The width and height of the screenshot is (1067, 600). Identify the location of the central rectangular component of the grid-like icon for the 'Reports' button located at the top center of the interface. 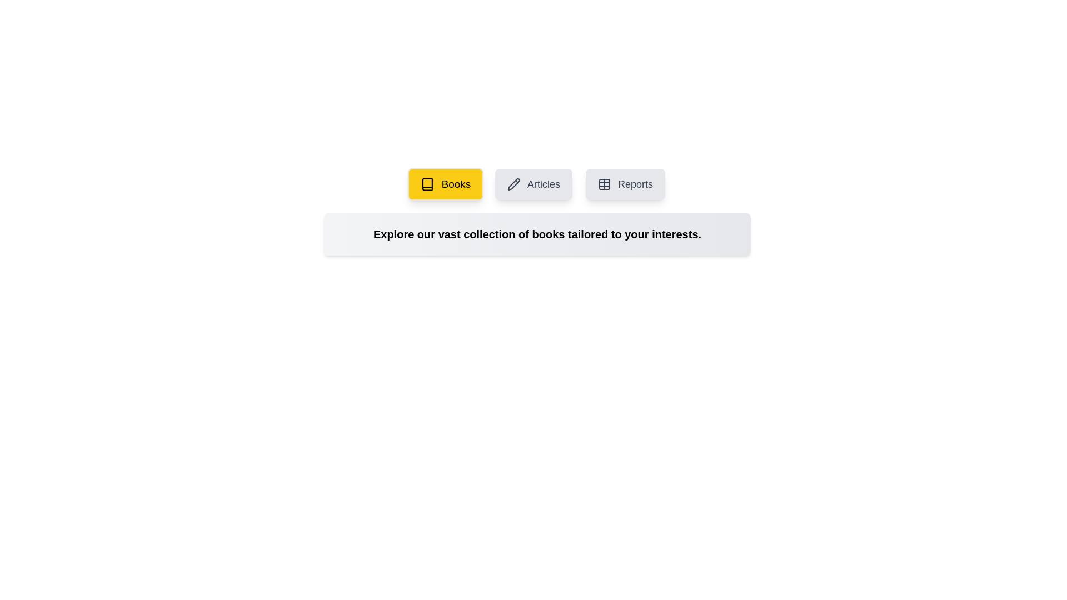
(604, 183).